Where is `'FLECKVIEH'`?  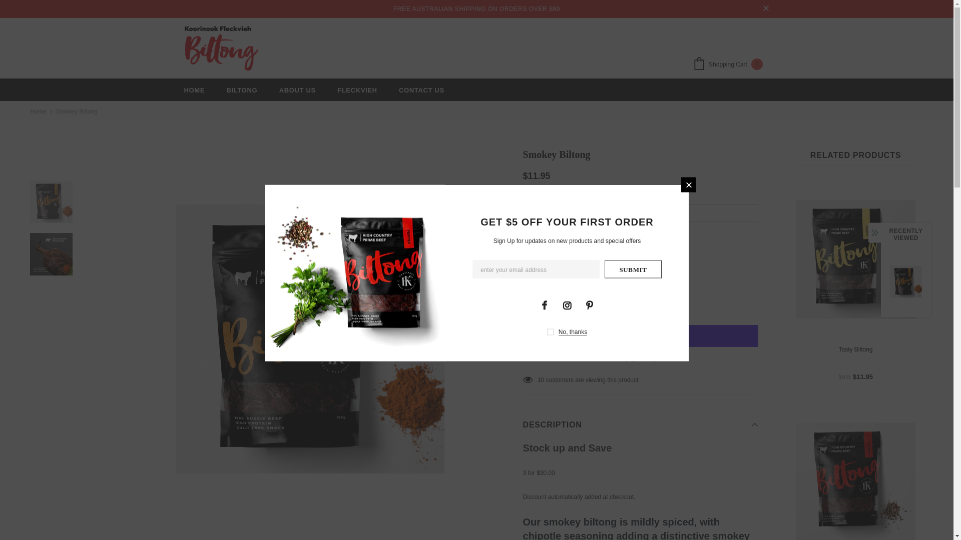
'FLECKVIEH' is located at coordinates (337, 89).